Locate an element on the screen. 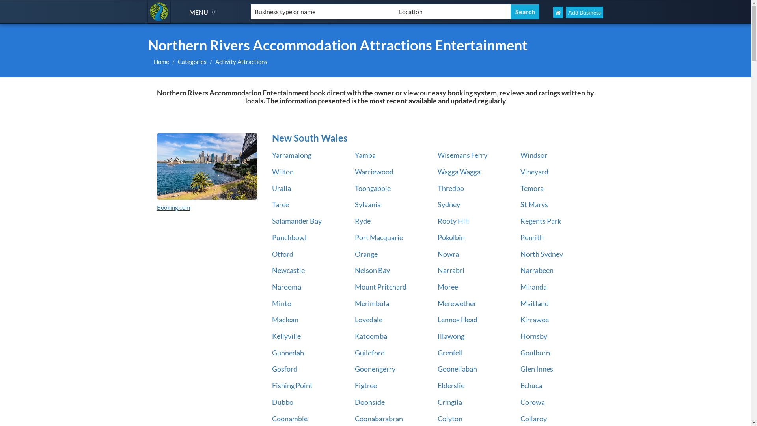 Image resolution: width=757 pixels, height=426 pixels. 'Temora' is located at coordinates (520, 188).